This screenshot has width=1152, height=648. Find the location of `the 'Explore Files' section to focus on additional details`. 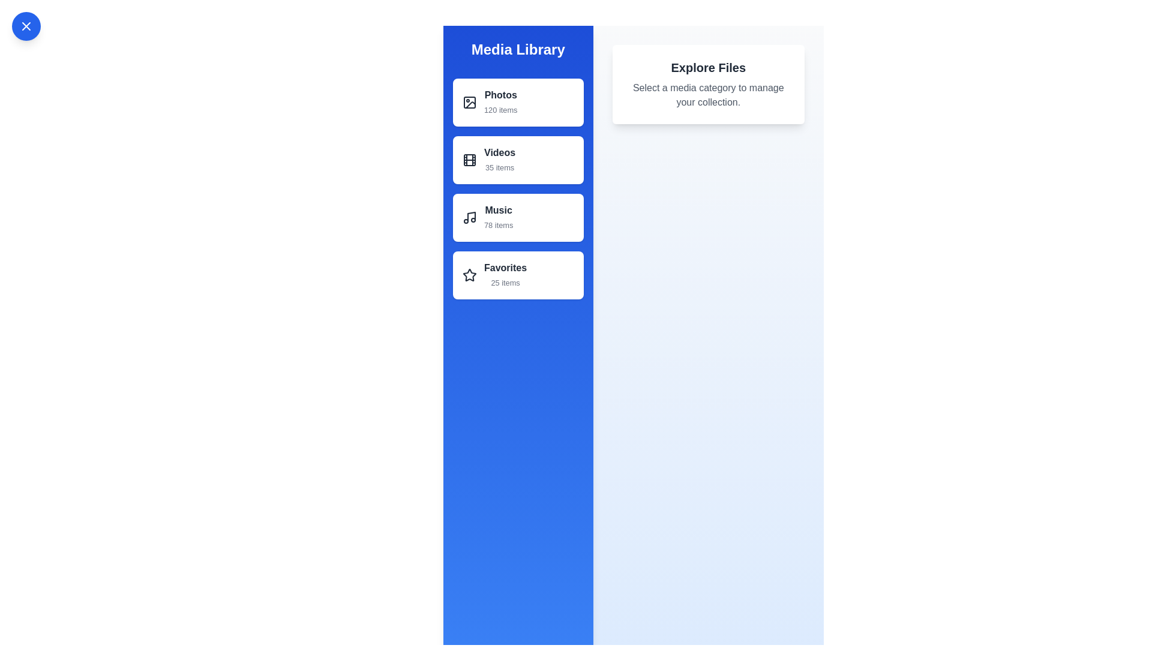

the 'Explore Files' section to focus on additional details is located at coordinates (708, 67).